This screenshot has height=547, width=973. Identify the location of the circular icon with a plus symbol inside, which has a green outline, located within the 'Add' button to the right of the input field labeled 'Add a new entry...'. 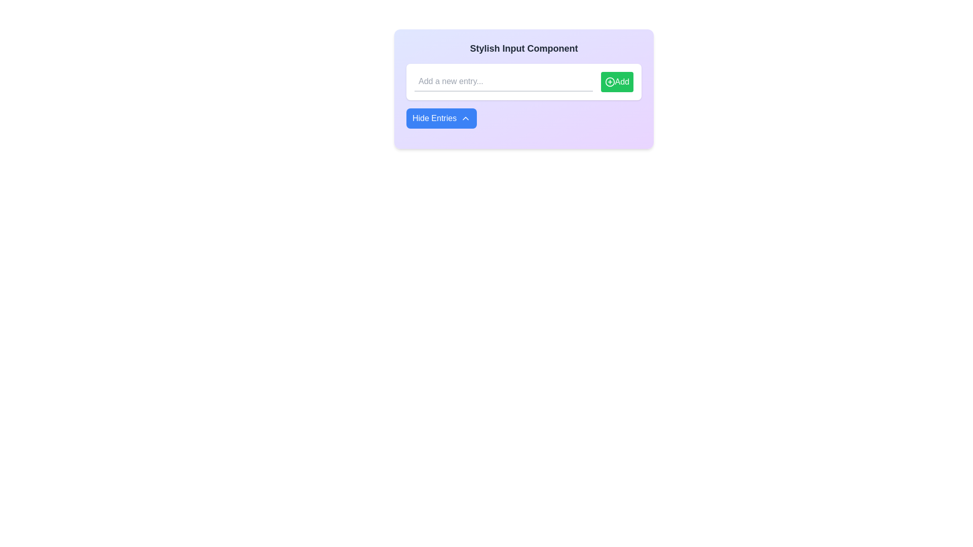
(609, 82).